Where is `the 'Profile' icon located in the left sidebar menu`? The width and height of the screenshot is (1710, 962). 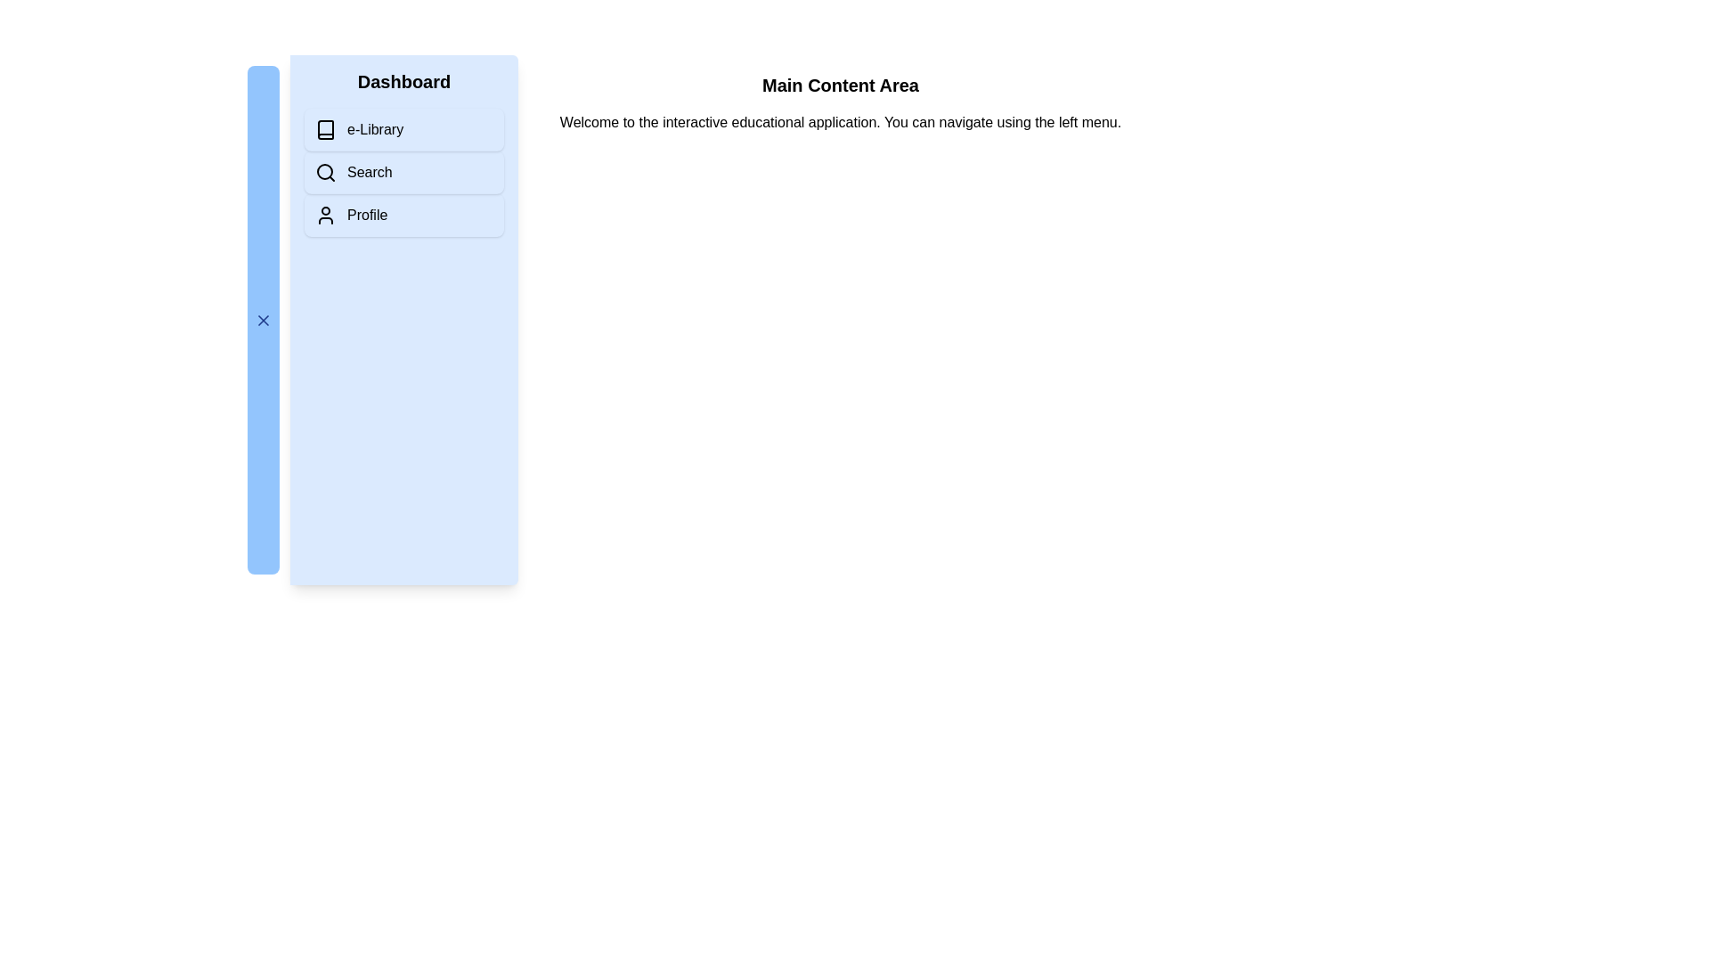 the 'Profile' icon located in the left sidebar menu is located at coordinates (325, 215).